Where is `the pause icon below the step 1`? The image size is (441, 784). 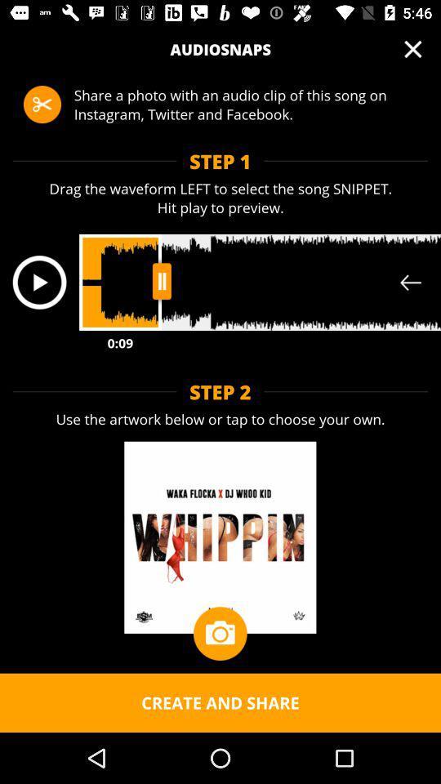 the pause icon below the step 1 is located at coordinates (162, 281).